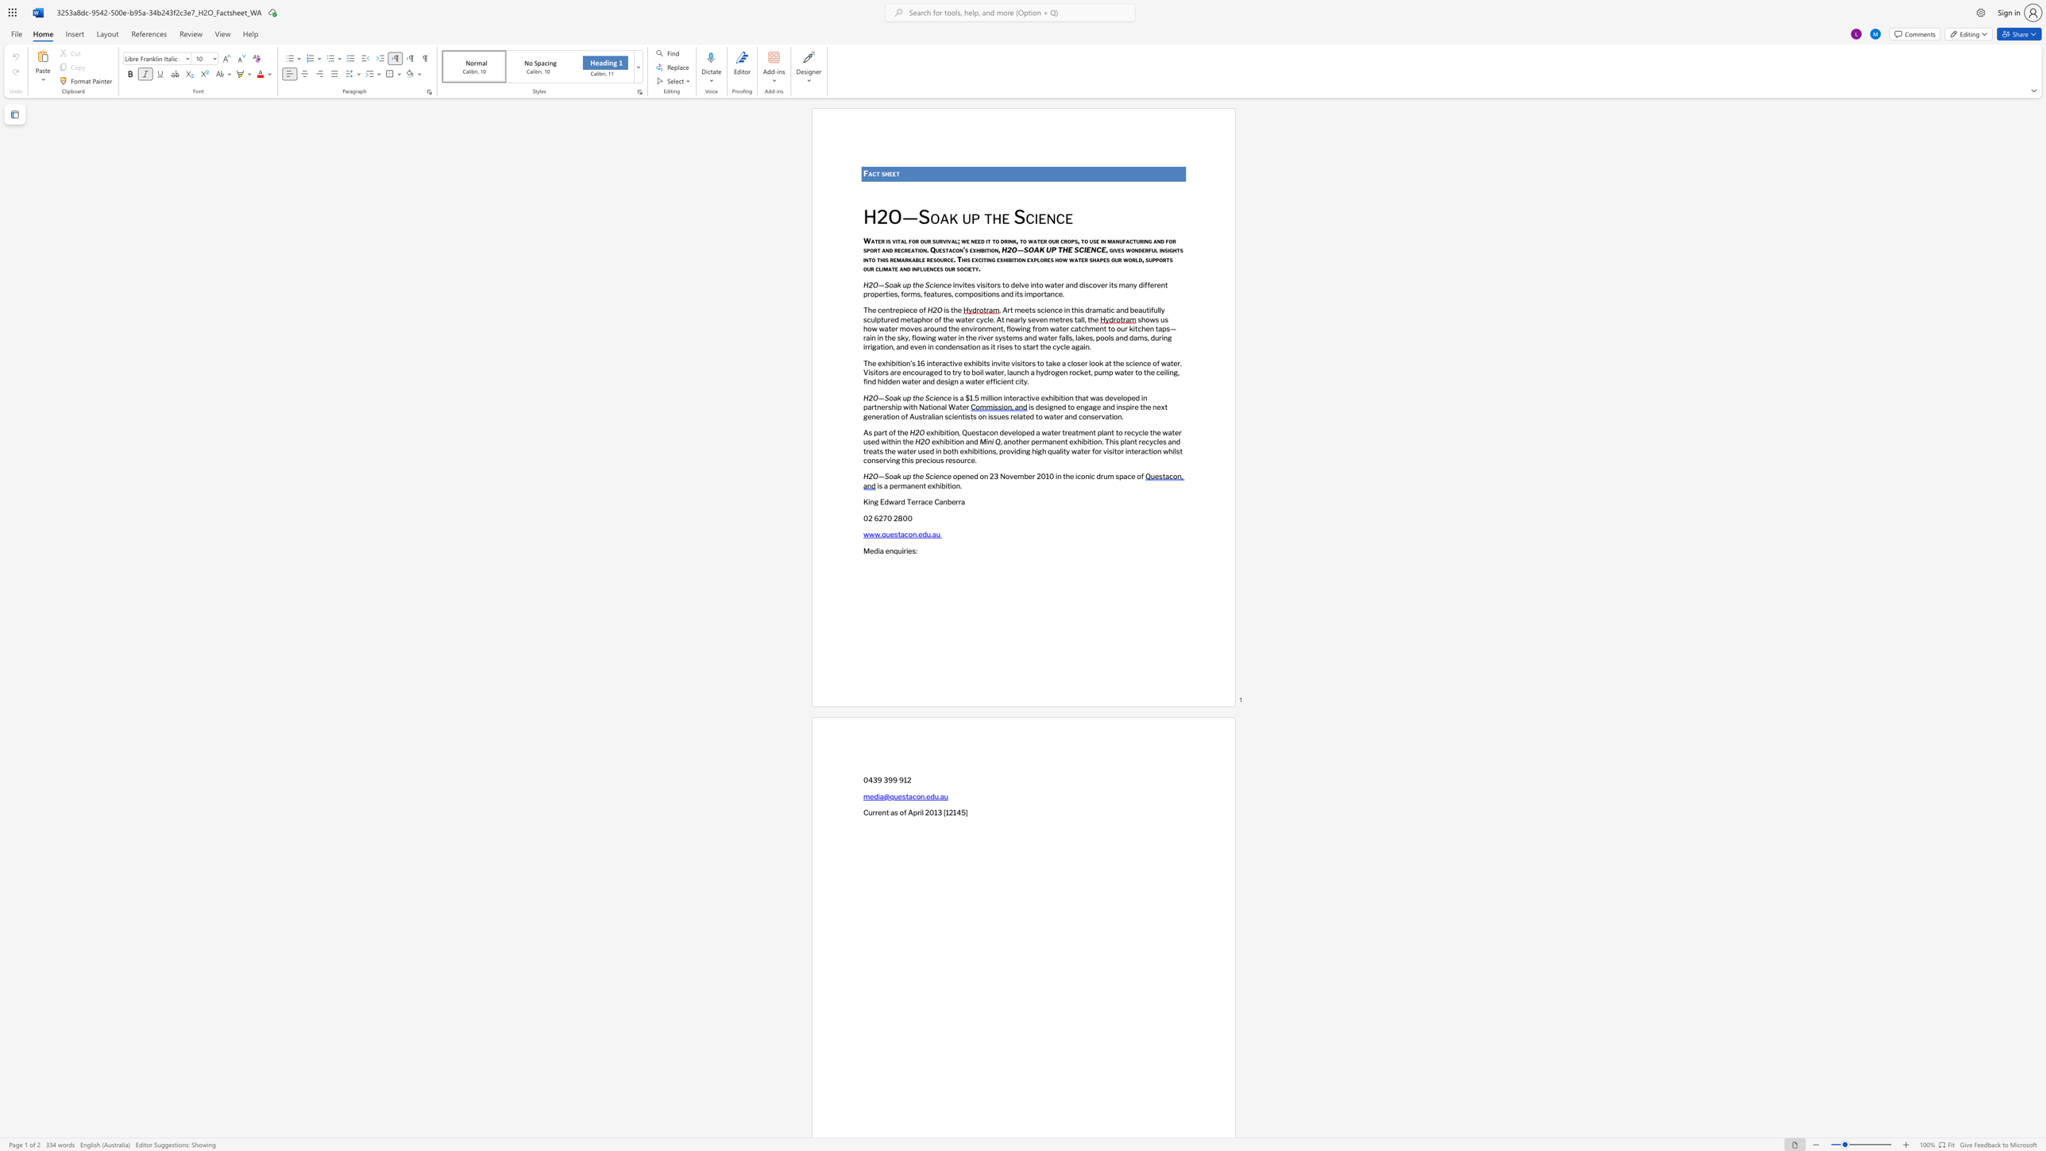 This screenshot has height=1151, width=2046. I want to click on the space between the continuous character "t" and "m" in the text, so click(1078, 431).